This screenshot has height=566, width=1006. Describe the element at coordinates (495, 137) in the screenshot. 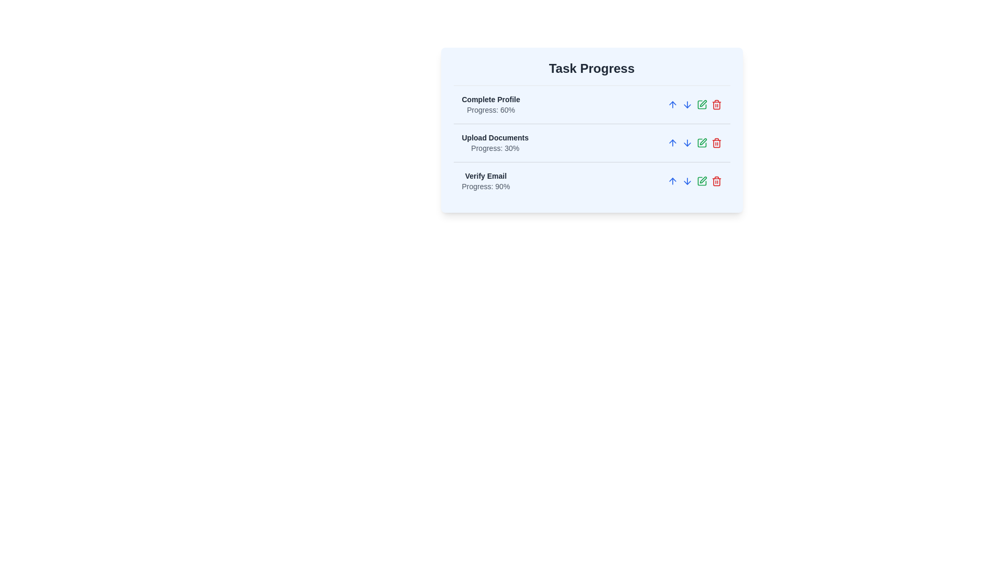

I see `the static text label 'Upload Documents', which is bold and dark gray, located between 'Complete Profile' and 'Verify Email' in the task list` at that location.